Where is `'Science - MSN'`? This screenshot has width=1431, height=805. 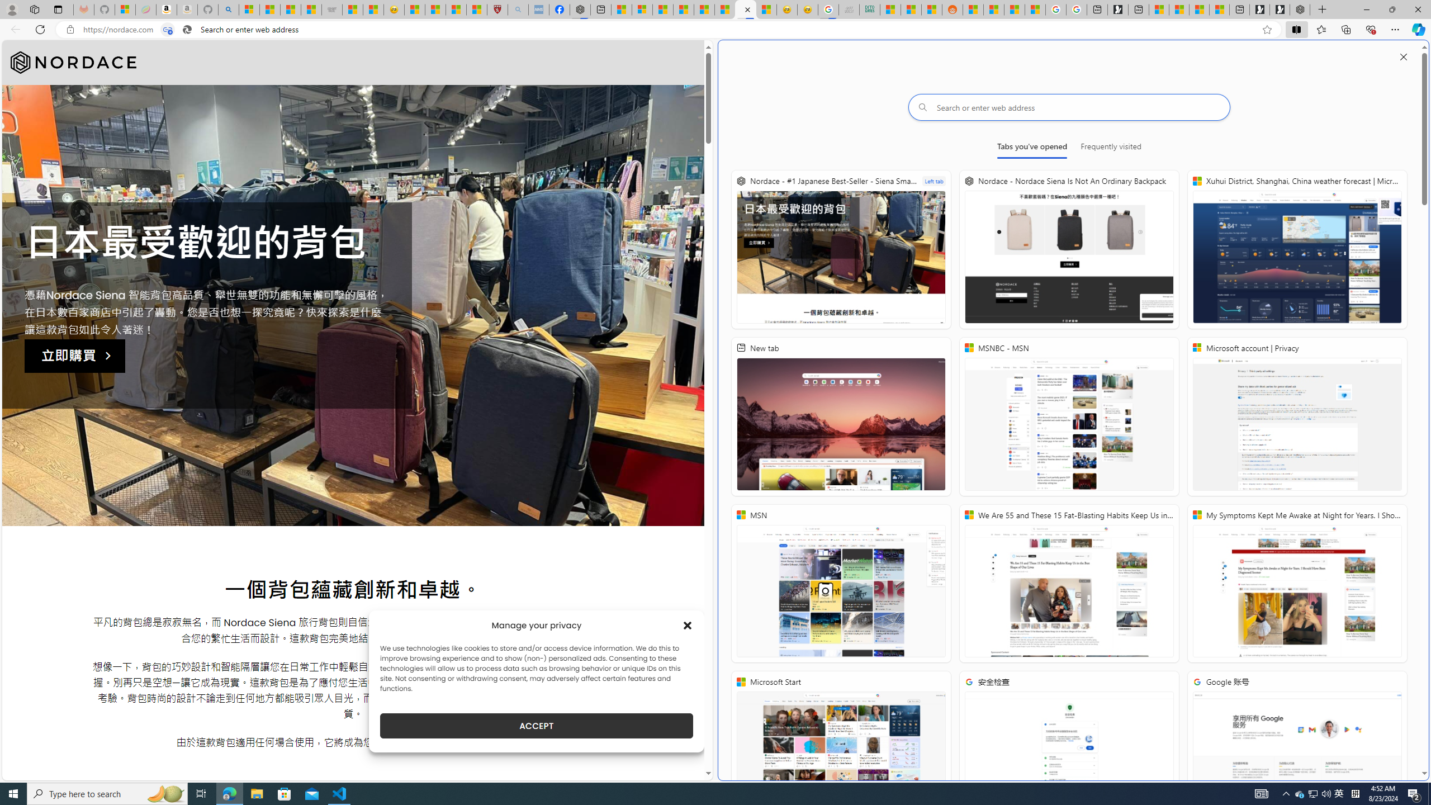 'Science - MSN' is located at coordinates (456, 9).